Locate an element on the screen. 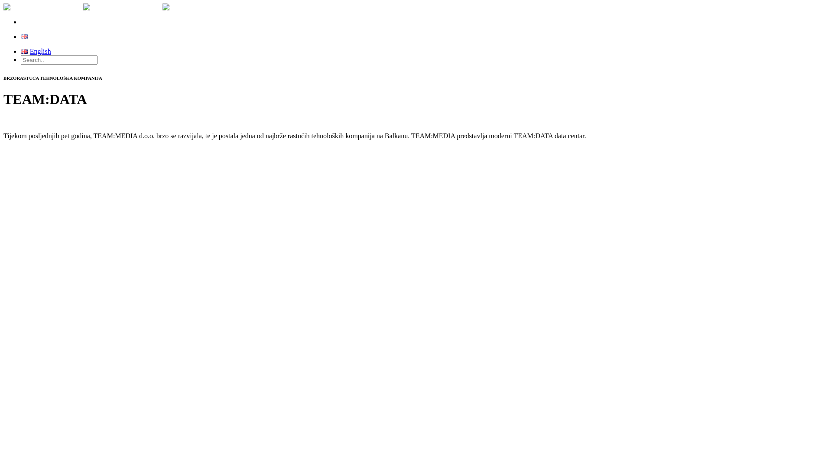 The height and width of the screenshot is (468, 832). 'English' is located at coordinates (35, 36).